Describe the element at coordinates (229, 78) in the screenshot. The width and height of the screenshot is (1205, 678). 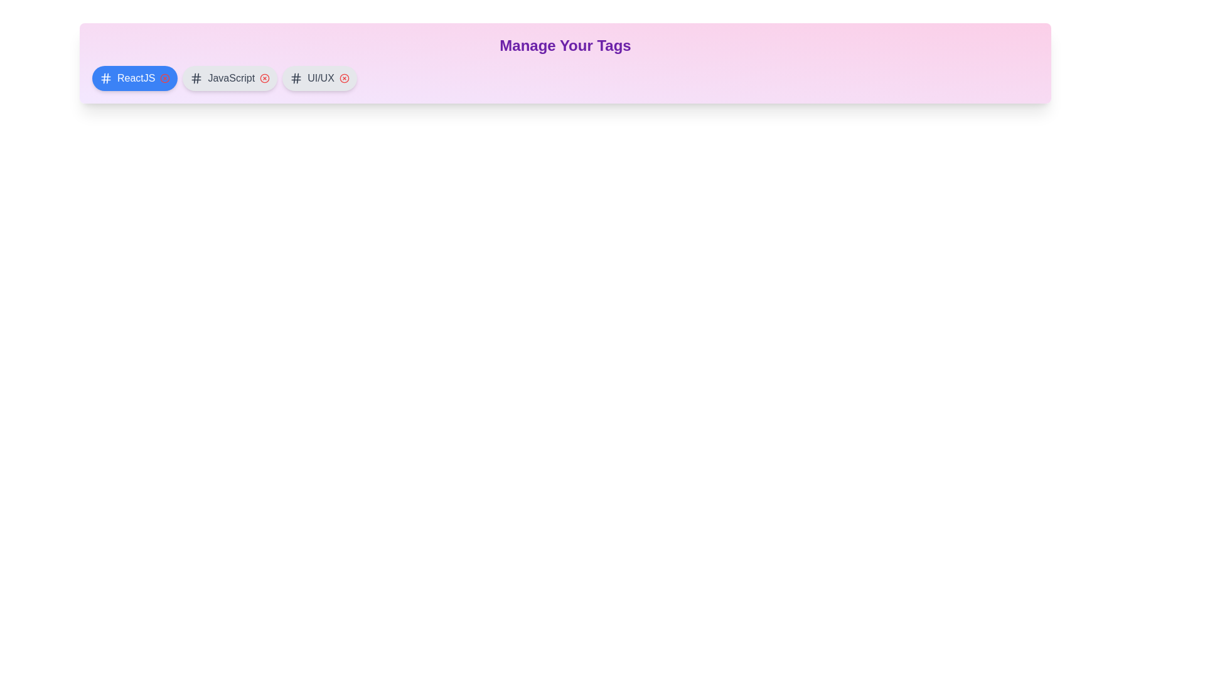
I see `the tag labeled 'JavaScript'` at that location.